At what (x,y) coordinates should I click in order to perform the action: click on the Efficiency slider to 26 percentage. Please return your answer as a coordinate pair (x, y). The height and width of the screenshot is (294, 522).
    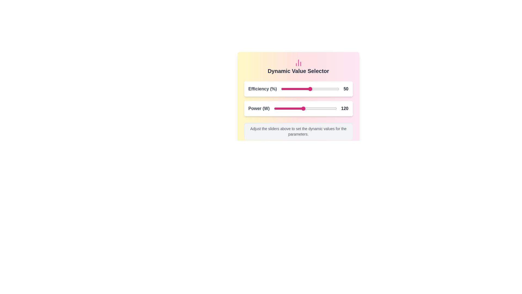
    Looking at the image, I should click on (296, 89).